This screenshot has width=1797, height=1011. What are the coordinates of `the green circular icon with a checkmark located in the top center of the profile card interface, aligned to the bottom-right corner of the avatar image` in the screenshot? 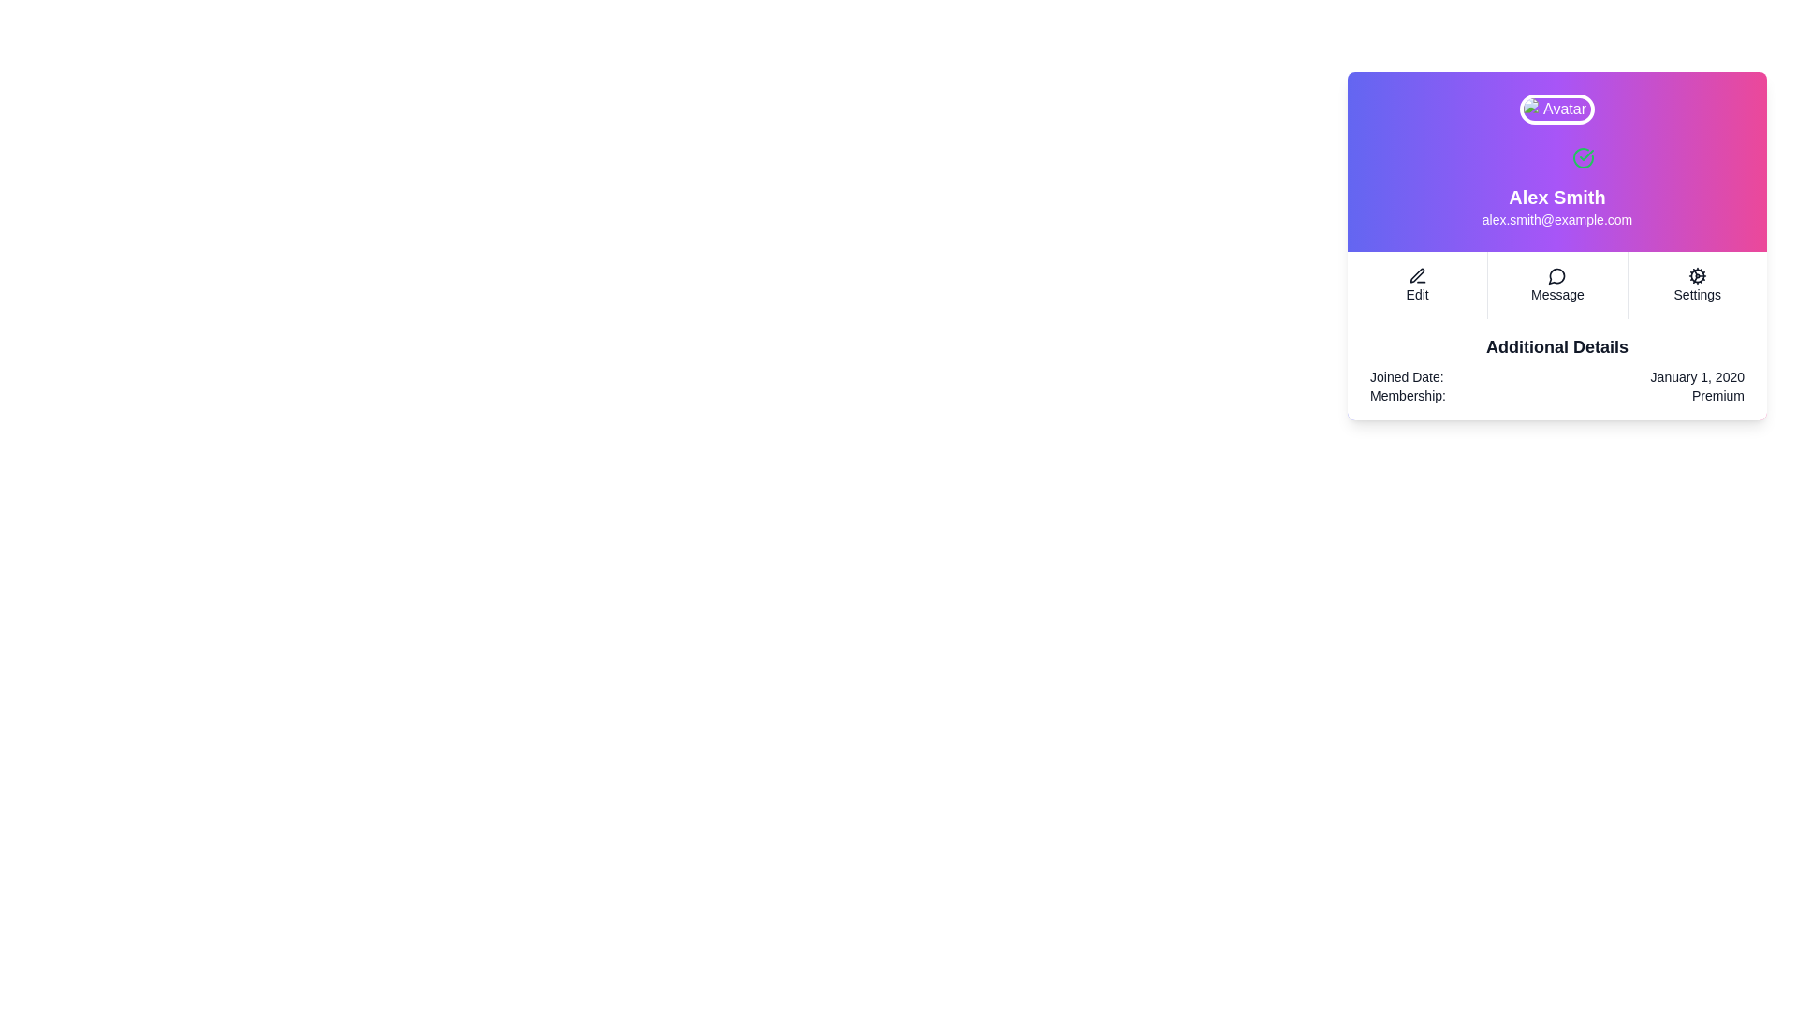 It's located at (1582, 157).